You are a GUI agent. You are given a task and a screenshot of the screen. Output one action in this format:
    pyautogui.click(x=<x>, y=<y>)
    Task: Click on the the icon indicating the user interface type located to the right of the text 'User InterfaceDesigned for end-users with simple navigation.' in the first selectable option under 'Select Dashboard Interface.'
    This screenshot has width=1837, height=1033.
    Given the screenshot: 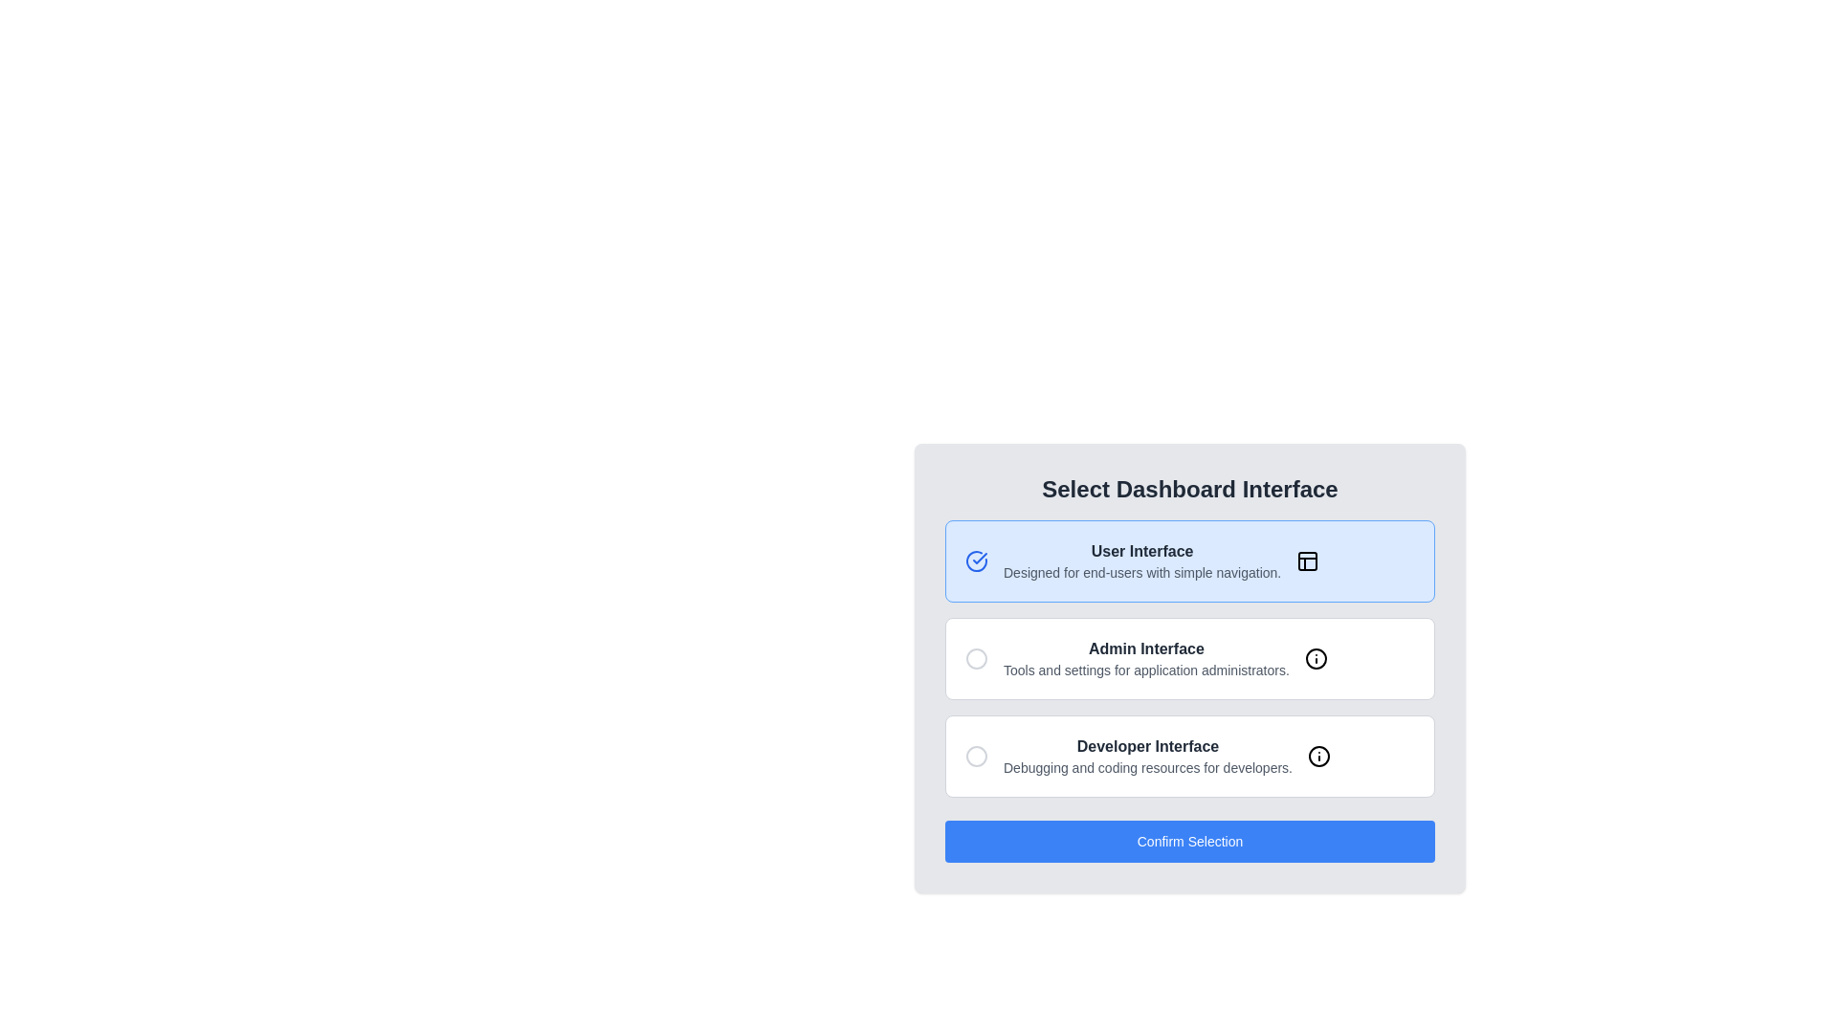 What is the action you would take?
    pyautogui.click(x=1307, y=560)
    